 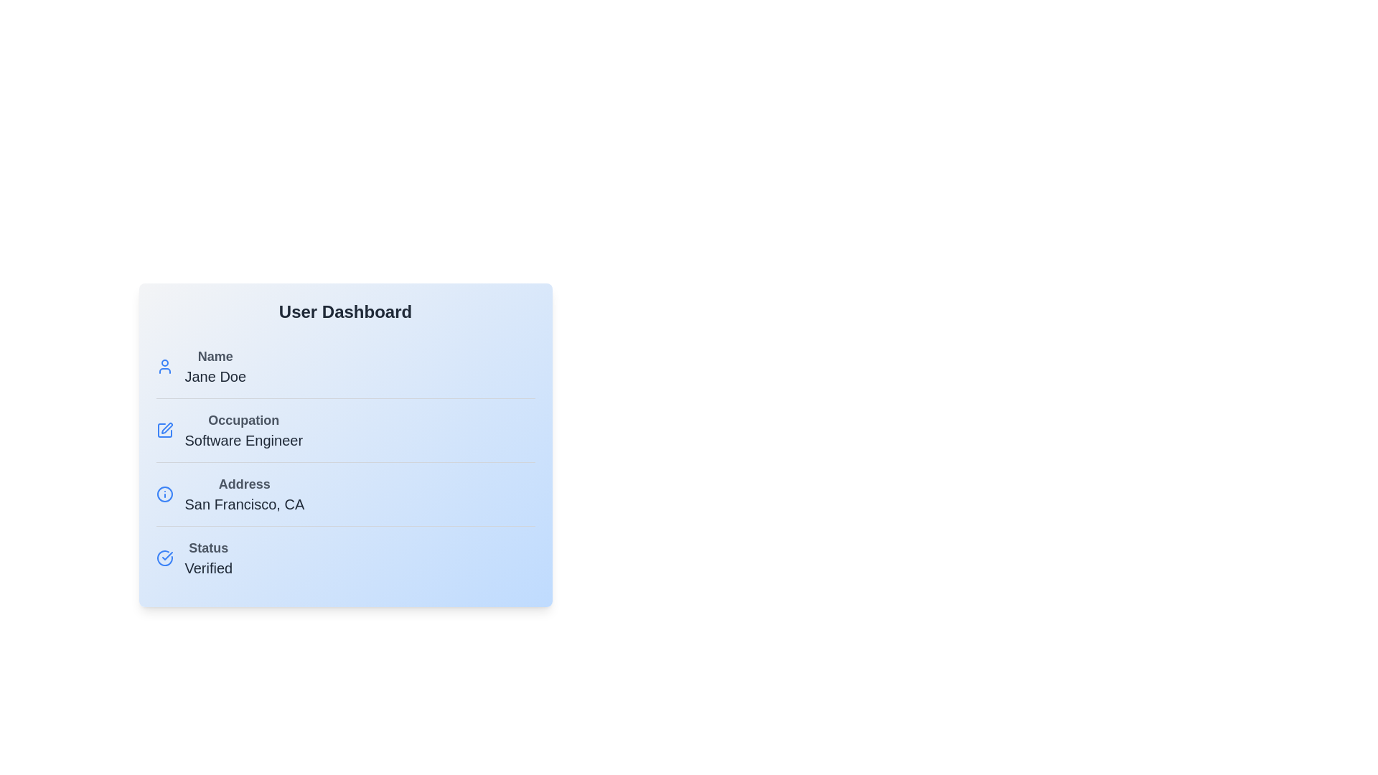 What do you see at coordinates (207, 548) in the screenshot?
I see `the Text label that serves as a heading for the 'Verified' status information, located at the bottom portion of the user card layout` at bounding box center [207, 548].